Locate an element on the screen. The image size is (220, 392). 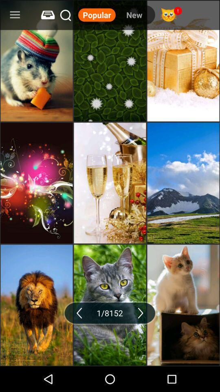
the 1/8152 icon is located at coordinates (110, 312).